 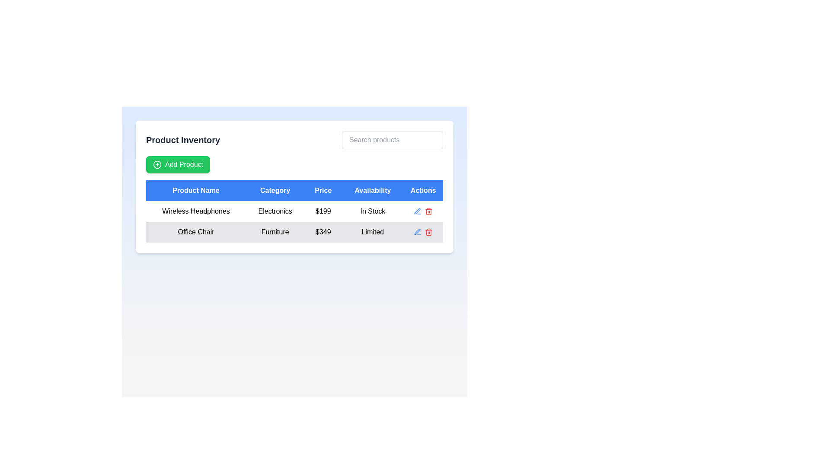 What do you see at coordinates (418, 211) in the screenshot?
I see `the edit icon button located in the Actions column of the second row to initiate editing of the Office Chair product` at bounding box center [418, 211].